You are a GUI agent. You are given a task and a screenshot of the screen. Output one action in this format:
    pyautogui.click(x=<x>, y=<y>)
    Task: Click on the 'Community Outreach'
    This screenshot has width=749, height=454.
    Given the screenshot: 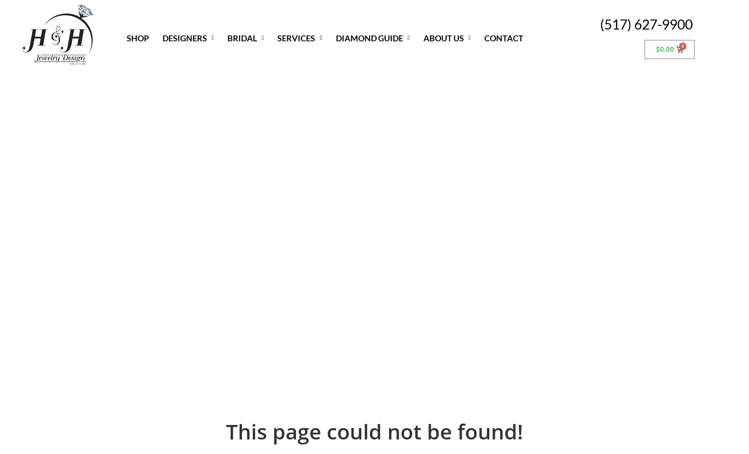 What is the action you would take?
    pyautogui.click(x=432, y=85)
    